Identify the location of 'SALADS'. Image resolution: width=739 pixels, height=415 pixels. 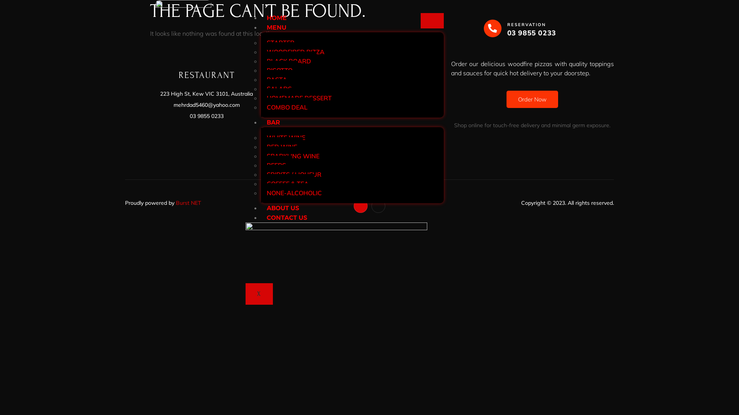
(279, 88).